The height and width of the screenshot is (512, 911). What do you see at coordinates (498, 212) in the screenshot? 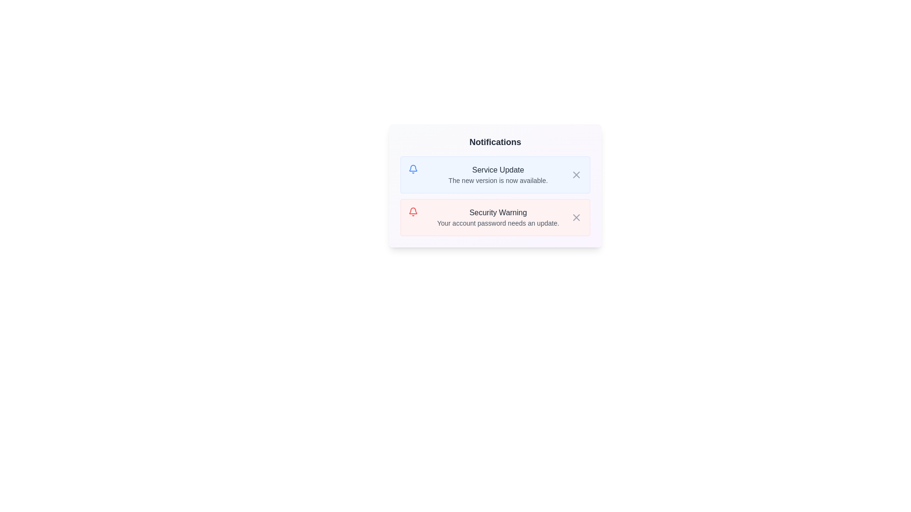
I see `the prominently styled text label reading 'Security Warning' in bold dark gray font, which is located directly below the 'Service Update' notification` at bounding box center [498, 212].